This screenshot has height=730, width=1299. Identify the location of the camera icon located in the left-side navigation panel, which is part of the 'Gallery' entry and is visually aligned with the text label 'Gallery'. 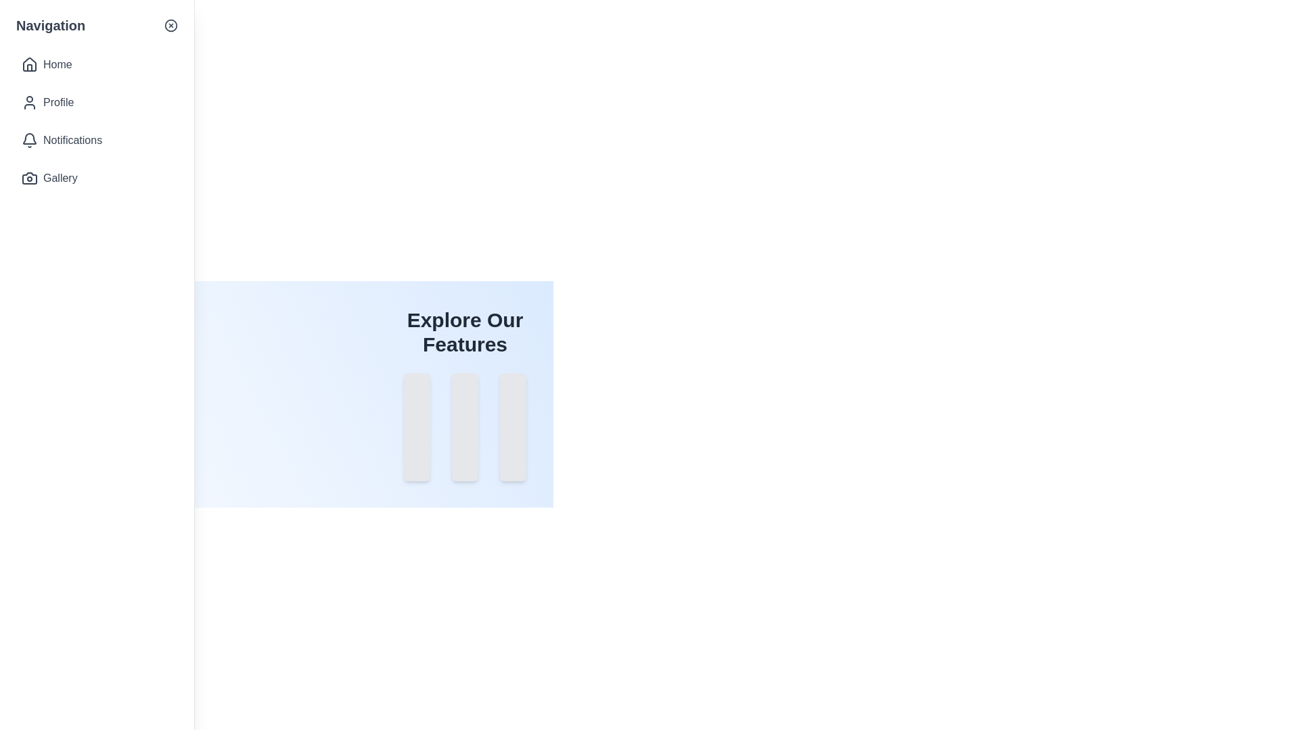
(29, 177).